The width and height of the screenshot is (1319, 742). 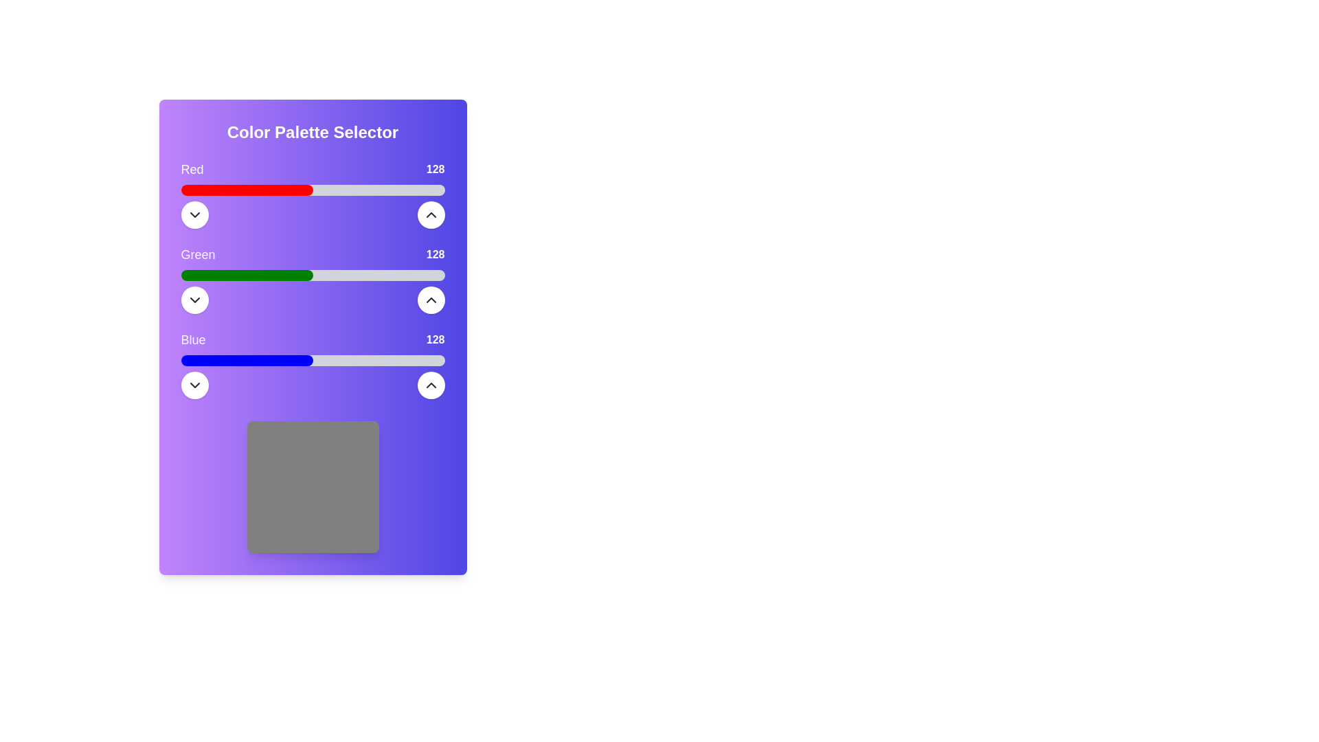 What do you see at coordinates (373, 276) in the screenshot?
I see `the green component of the color` at bounding box center [373, 276].